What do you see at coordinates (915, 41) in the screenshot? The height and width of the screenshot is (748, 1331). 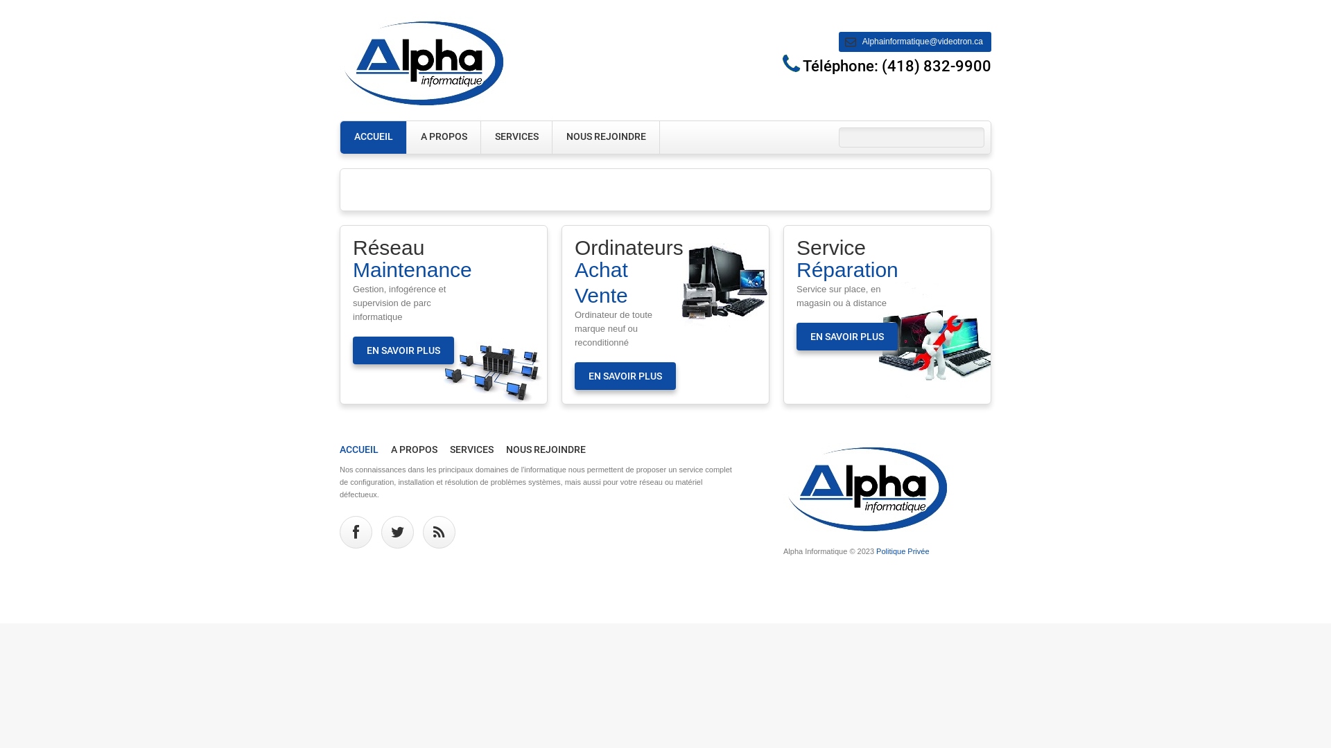 I see `'Alphainformatique@videotron.ca'` at bounding box center [915, 41].